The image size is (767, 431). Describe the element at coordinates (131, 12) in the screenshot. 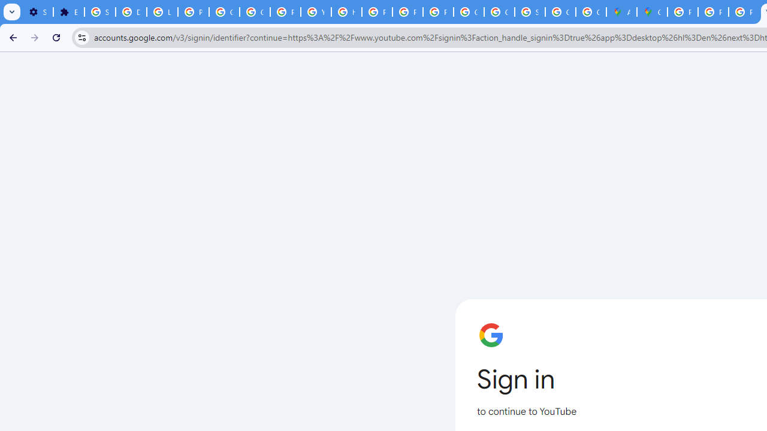

I see `'Delete photos & videos - Computer - Google Photos Help'` at that location.